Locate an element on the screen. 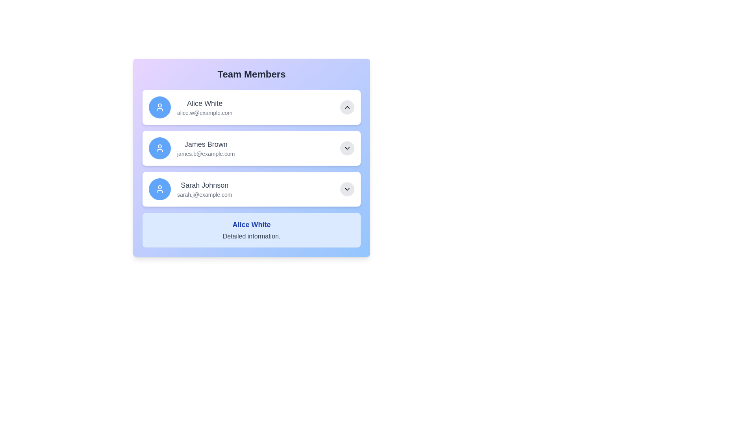 This screenshot has height=425, width=756. the user avatar for 'Alice White' located at the leftmost part of the first list item in the 'Team Members' section is located at coordinates (159, 107).